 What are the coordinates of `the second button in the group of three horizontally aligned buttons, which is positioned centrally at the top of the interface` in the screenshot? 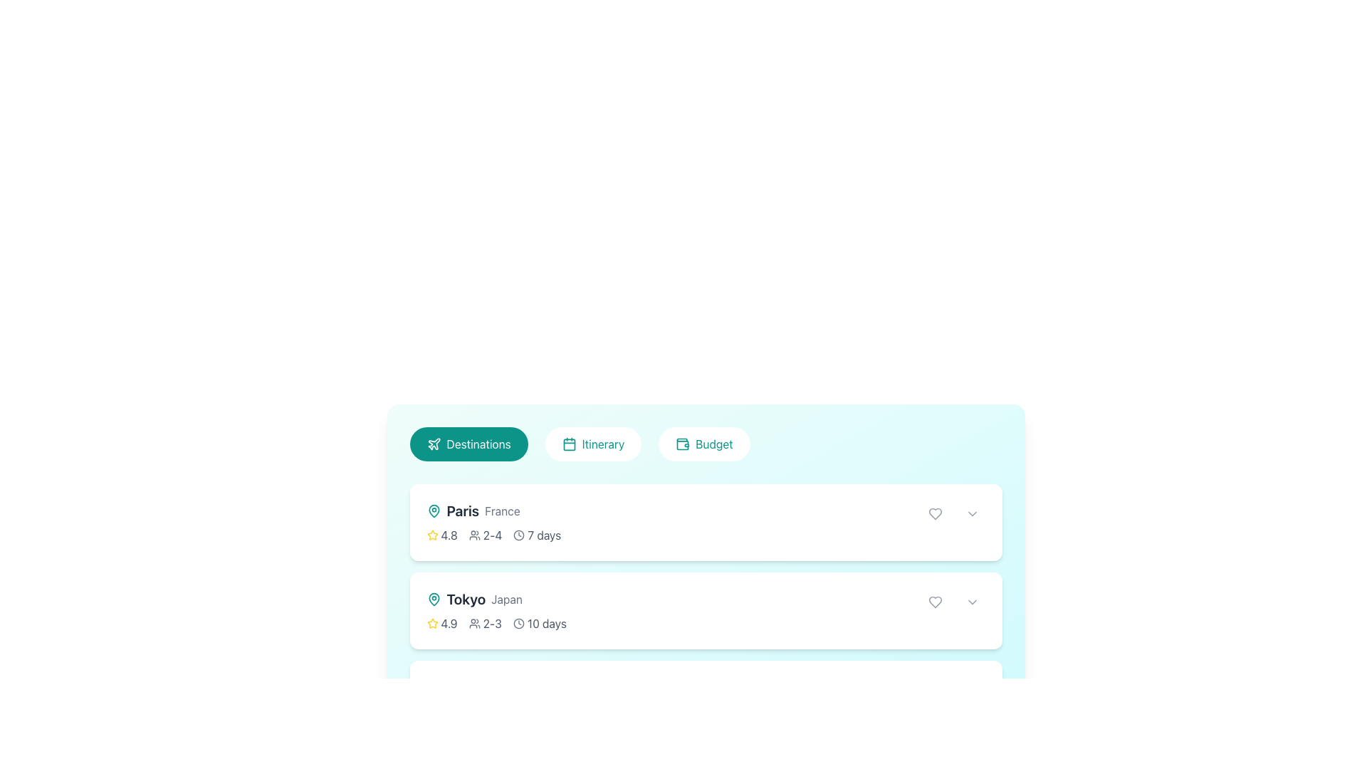 It's located at (593, 444).